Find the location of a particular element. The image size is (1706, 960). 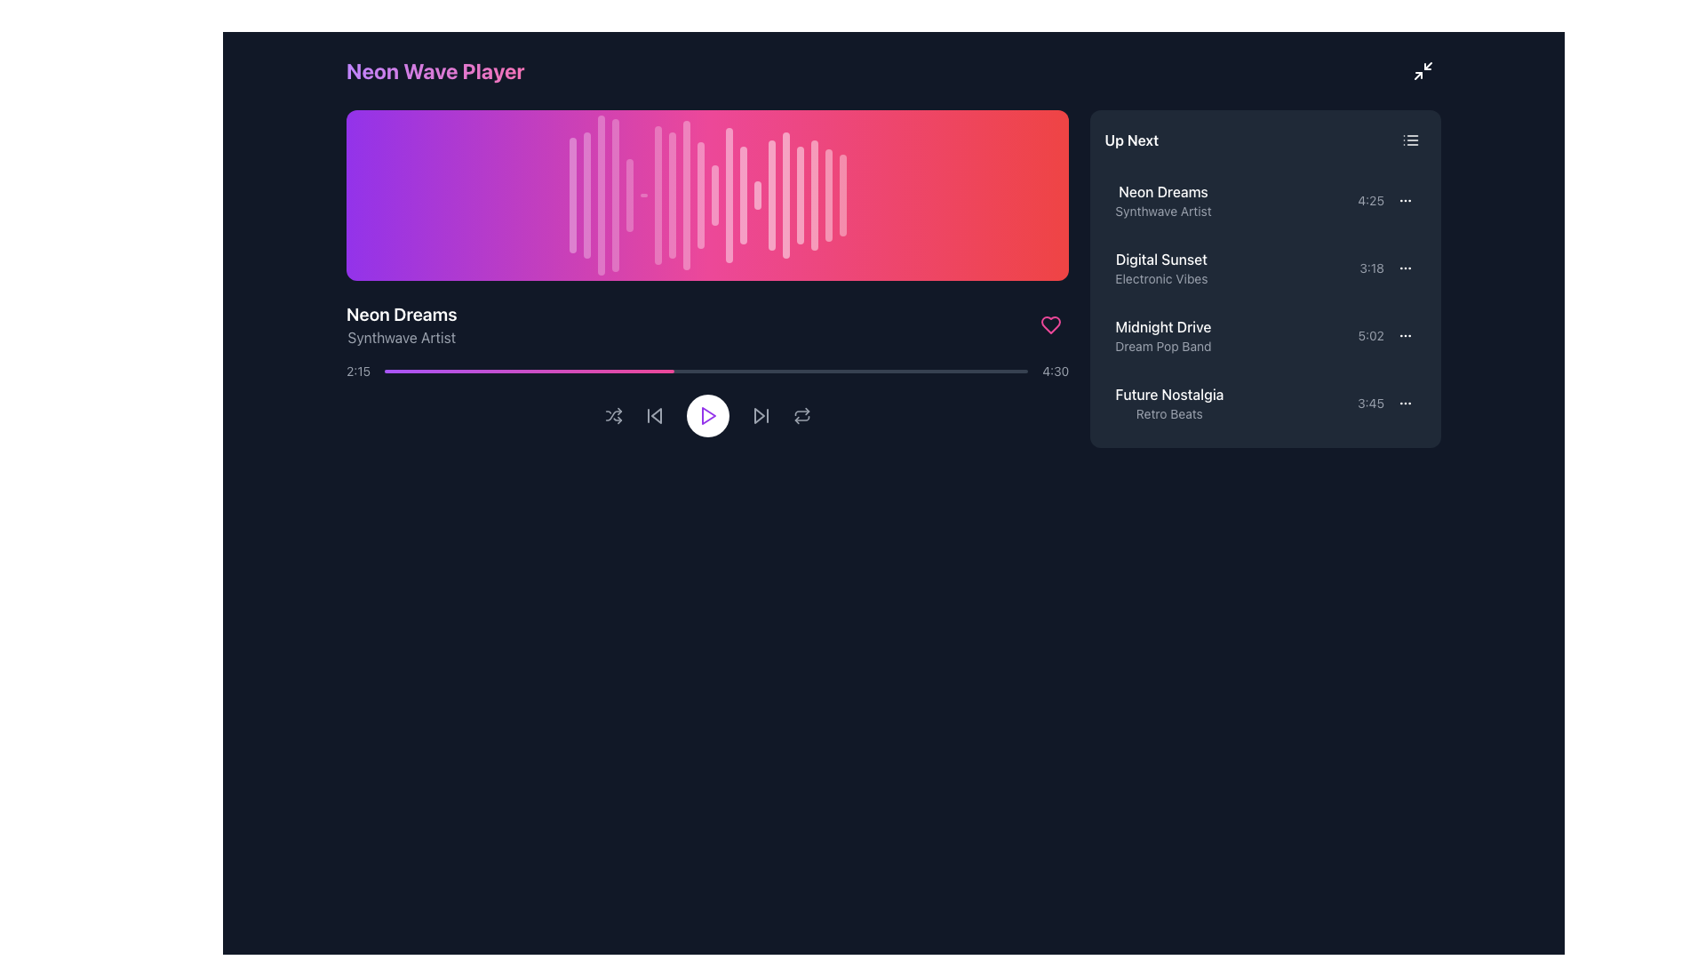

the Icon Button, which features an ellipsis icon and is located at the top-right corner of the 'Neon Dreams' list item in the 'Up Next' section is located at coordinates (1404, 200).